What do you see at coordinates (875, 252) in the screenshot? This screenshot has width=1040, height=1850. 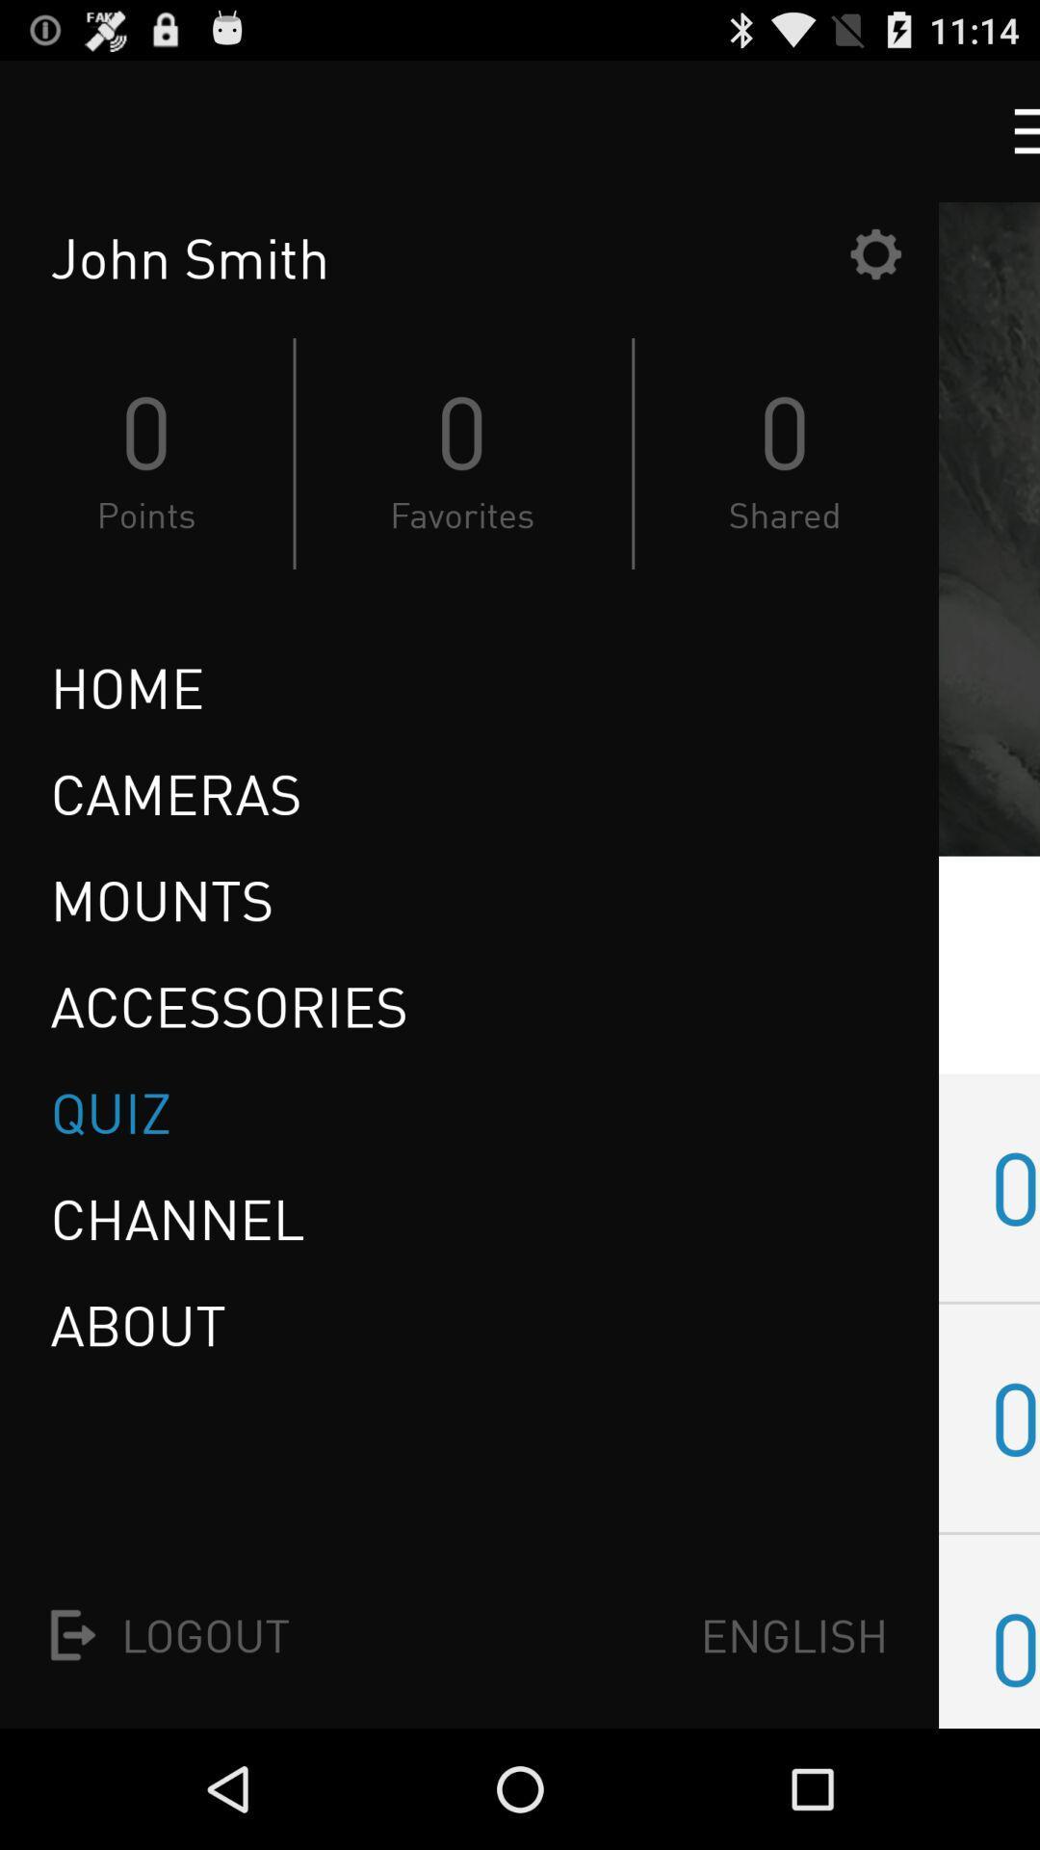 I see `the icon to the right of john smith icon` at bounding box center [875, 252].